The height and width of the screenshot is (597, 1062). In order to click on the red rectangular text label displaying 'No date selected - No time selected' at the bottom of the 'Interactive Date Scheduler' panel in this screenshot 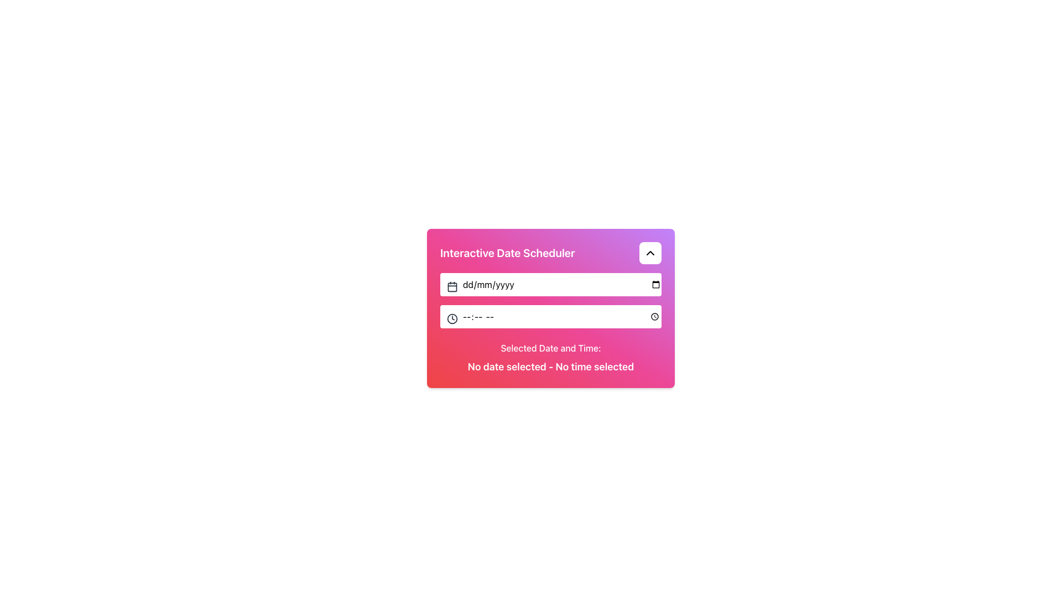, I will do `click(551, 366)`.